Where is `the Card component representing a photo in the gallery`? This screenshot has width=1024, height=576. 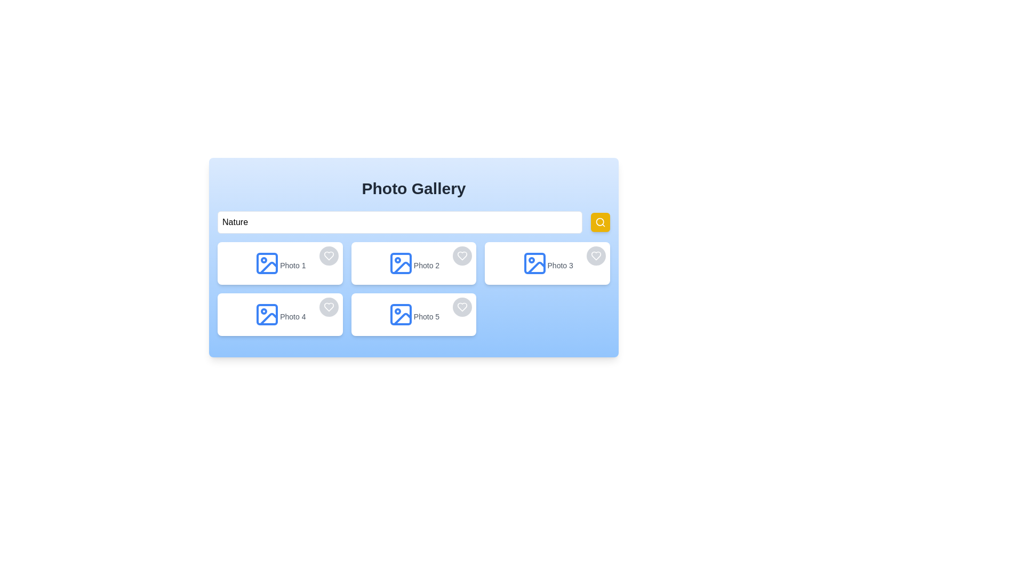 the Card component representing a photo in the gallery is located at coordinates (413, 263).